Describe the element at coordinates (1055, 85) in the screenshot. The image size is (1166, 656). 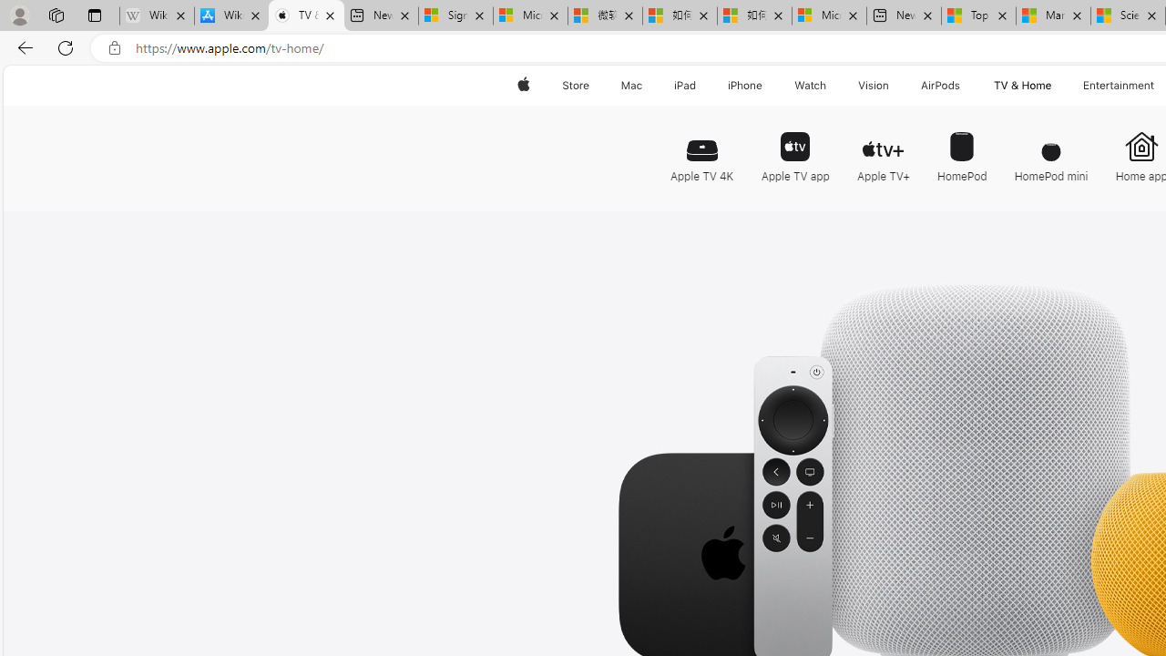
I see `'TV and Home menu'` at that location.